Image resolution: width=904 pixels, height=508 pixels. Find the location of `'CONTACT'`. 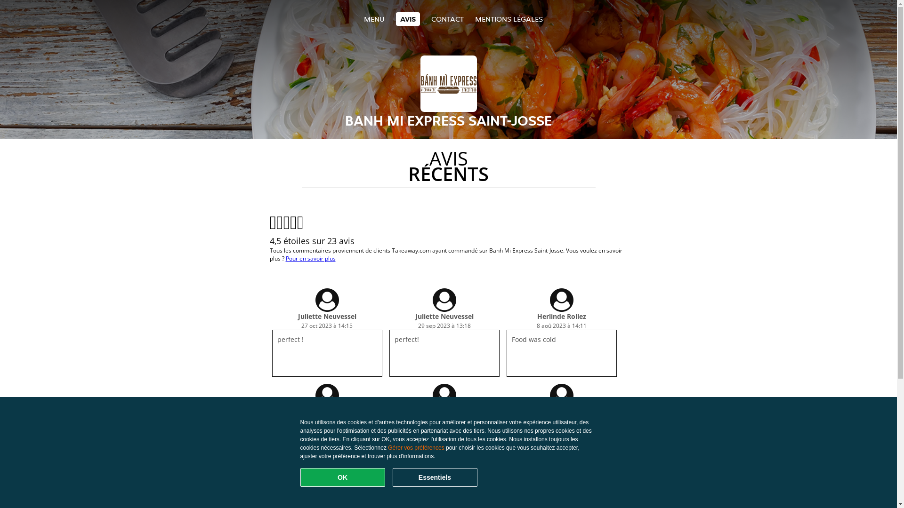

'CONTACT' is located at coordinates (431, 19).